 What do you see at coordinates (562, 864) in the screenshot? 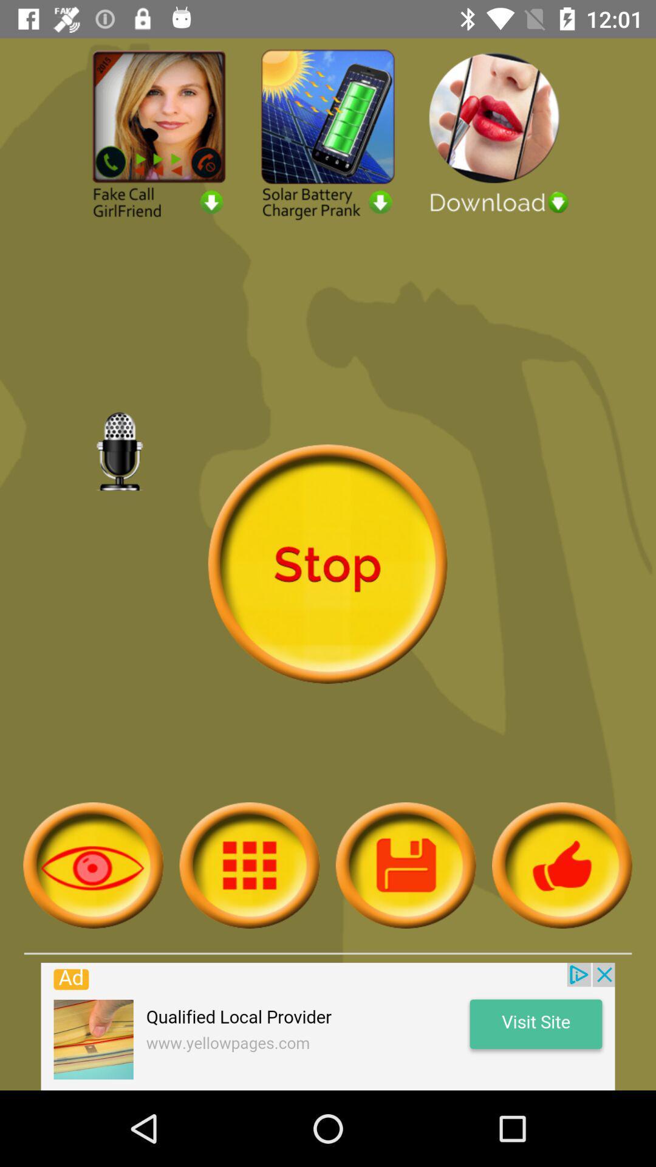
I see `like option` at bounding box center [562, 864].